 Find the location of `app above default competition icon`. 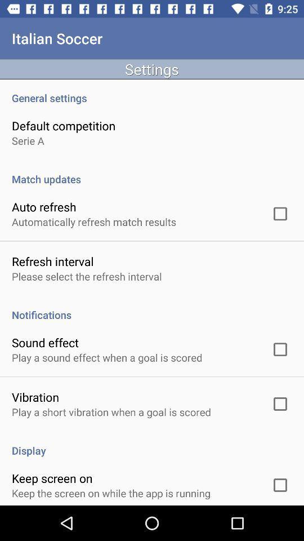

app above default competition icon is located at coordinates (152, 91).